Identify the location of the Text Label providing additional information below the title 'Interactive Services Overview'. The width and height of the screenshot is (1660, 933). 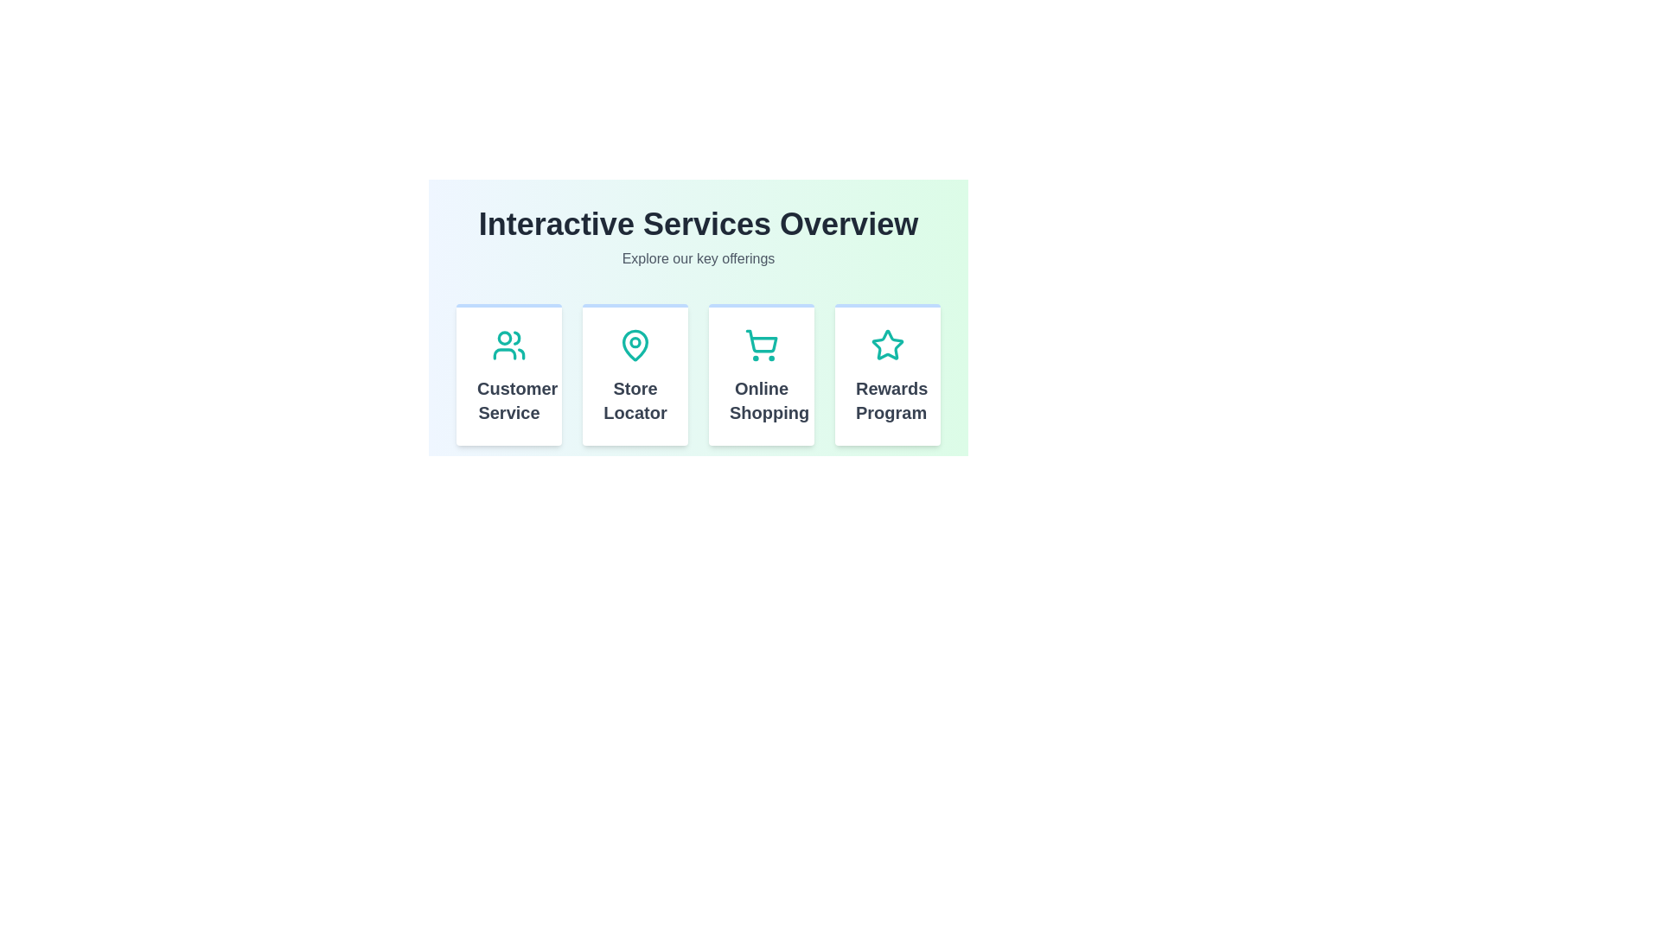
(698, 259).